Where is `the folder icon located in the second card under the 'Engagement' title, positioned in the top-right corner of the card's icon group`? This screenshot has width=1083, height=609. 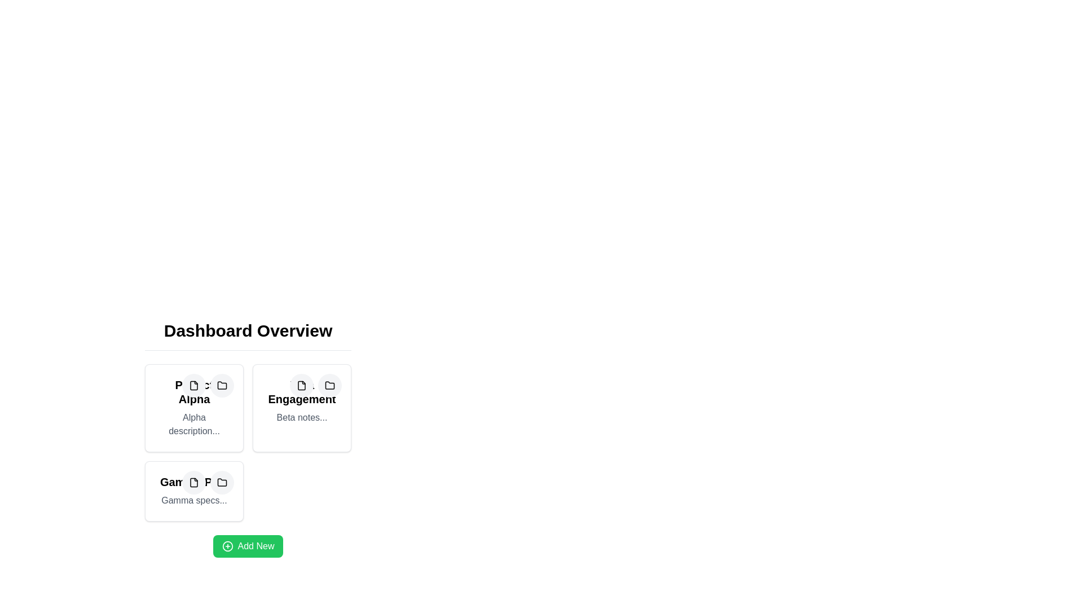
the folder icon located in the second card under the 'Engagement' title, positioned in the top-right corner of the card's icon group is located at coordinates (329, 384).